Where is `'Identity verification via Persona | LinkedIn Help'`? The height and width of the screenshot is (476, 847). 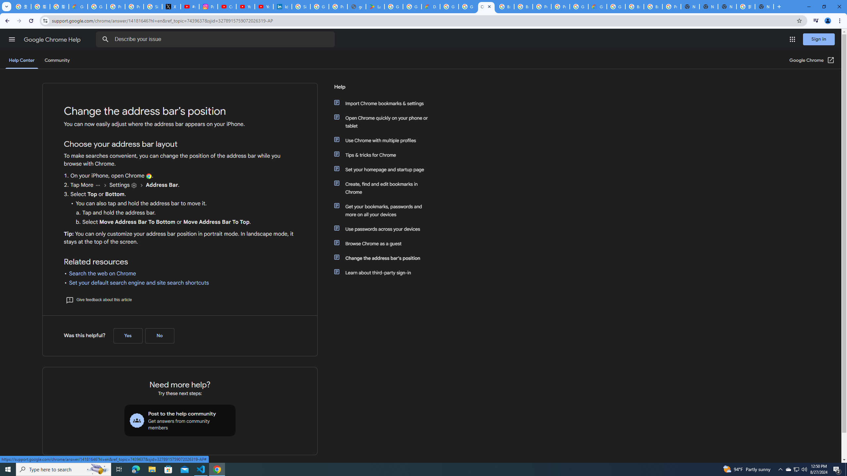 'Identity verification via Persona | LinkedIn Help' is located at coordinates (282, 6).